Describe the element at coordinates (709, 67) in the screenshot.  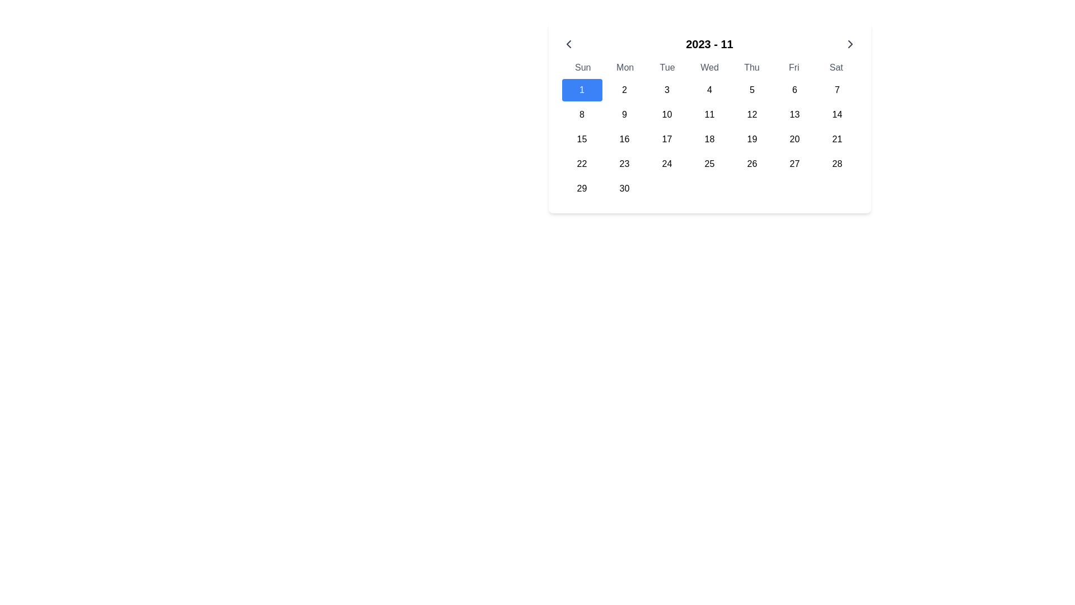
I see `the text label representing 'Wednesday' in the calendar interface, which is the fourth item in the sequence of days of the week` at that location.